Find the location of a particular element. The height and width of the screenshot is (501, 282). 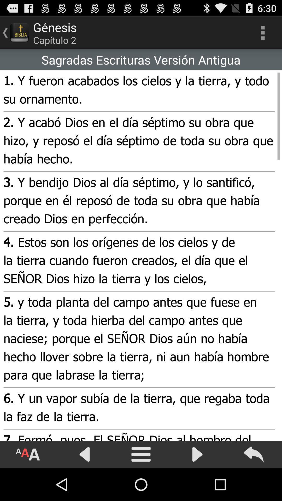

the font icon is located at coordinates (28, 486).